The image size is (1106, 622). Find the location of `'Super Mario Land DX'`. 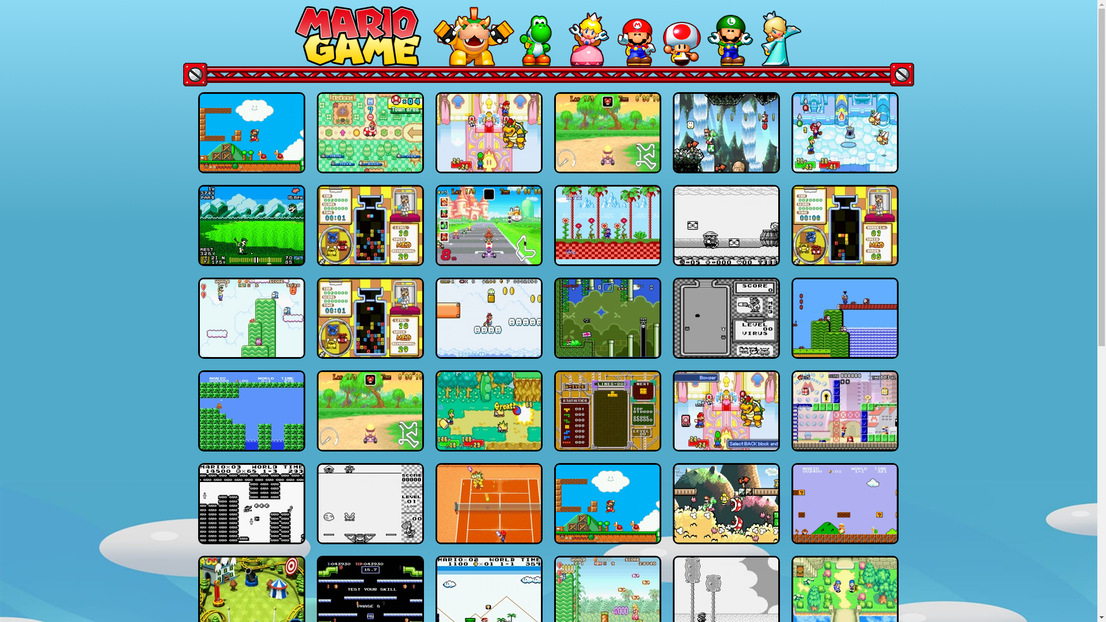

'Super Mario Land DX' is located at coordinates (489, 595).